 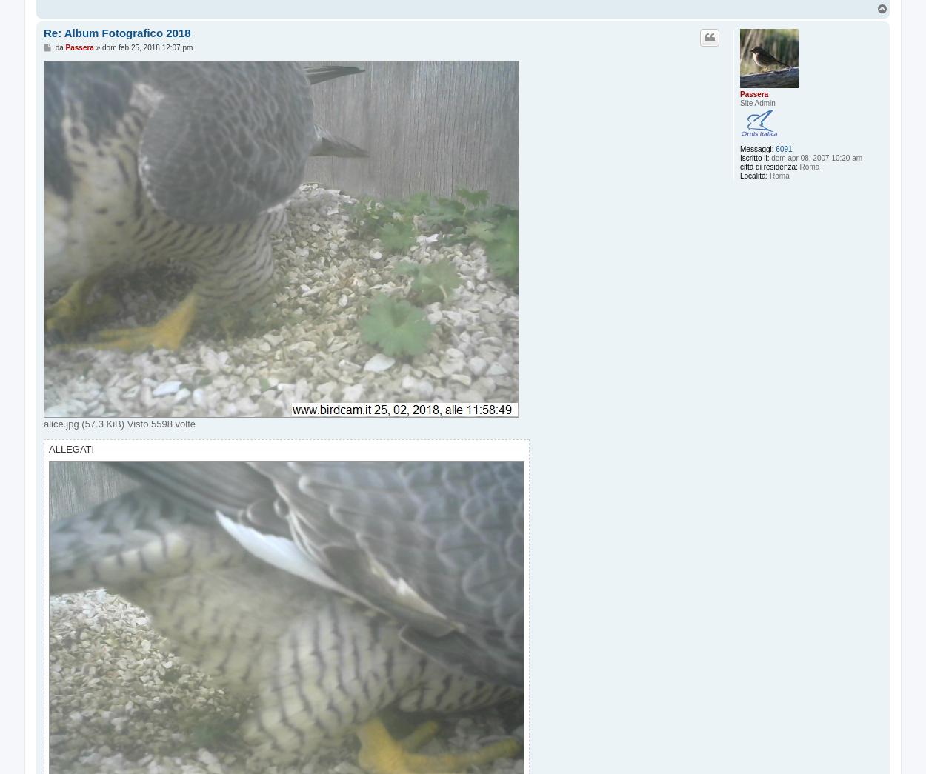 I want to click on '6091', so click(x=776, y=149).